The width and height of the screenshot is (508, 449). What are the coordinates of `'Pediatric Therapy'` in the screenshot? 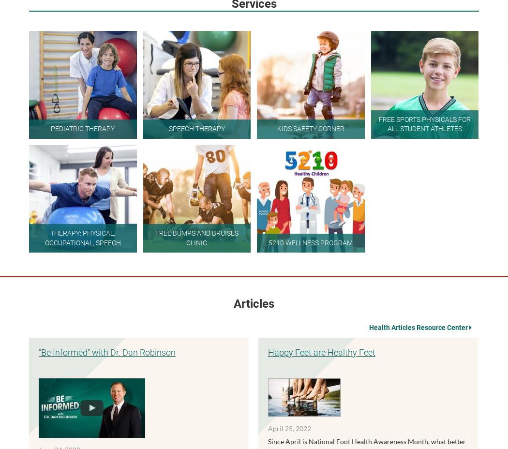 It's located at (83, 128).